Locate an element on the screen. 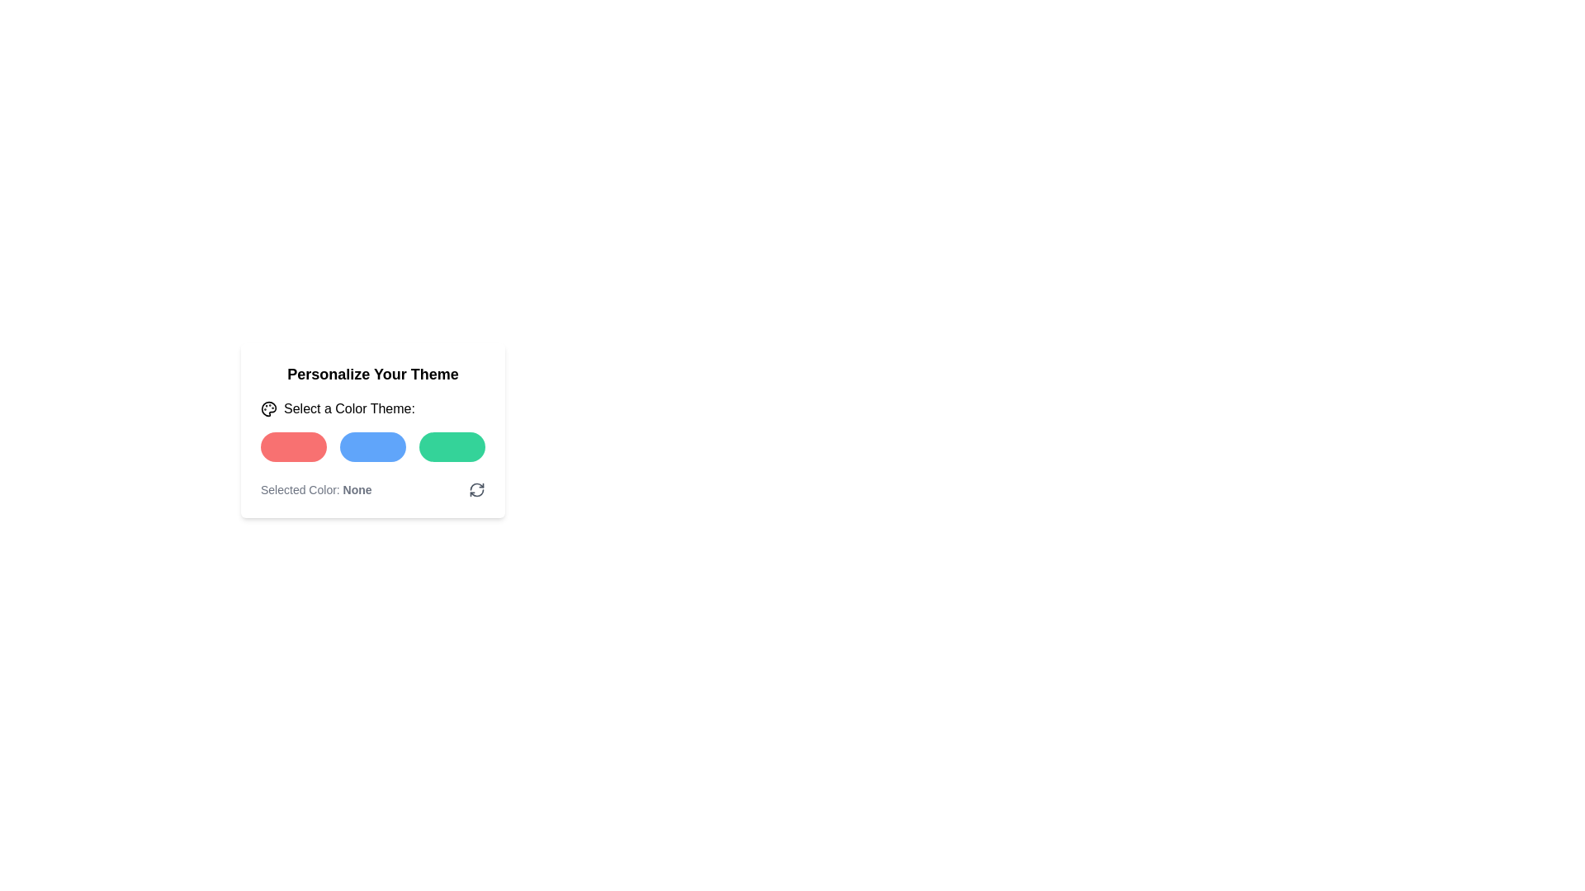 This screenshot has height=891, width=1585. the text label displaying 'Selected Color: None', which is styled with a smaller light gray font and is part of the color selection interface is located at coordinates (316, 489).